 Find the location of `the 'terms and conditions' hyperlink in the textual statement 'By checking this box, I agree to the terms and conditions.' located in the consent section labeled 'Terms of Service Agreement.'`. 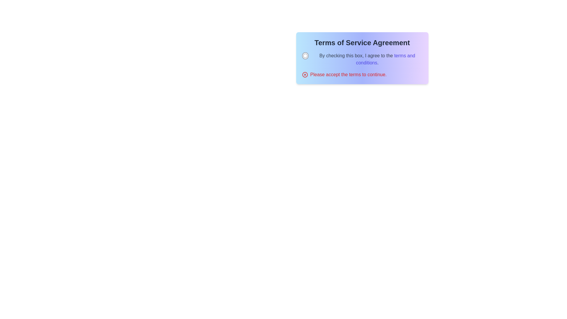

the 'terms and conditions' hyperlink in the textual statement 'By checking this box, I agree to the terms and conditions.' located in the consent section labeled 'Terms of Service Agreement.' is located at coordinates (367, 59).